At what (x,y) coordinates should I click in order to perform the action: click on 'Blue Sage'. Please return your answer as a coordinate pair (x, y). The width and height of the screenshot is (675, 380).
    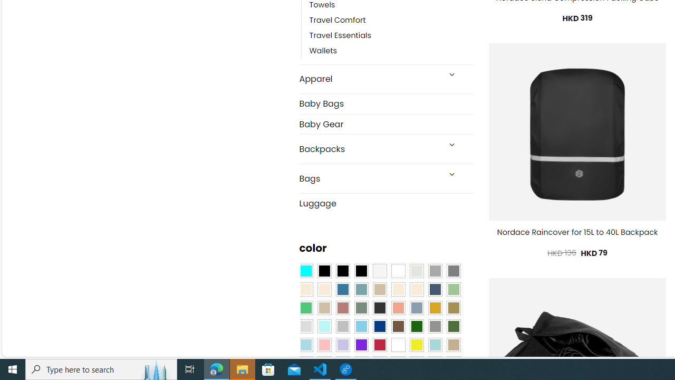
    Looking at the image, I should click on (361, 290).